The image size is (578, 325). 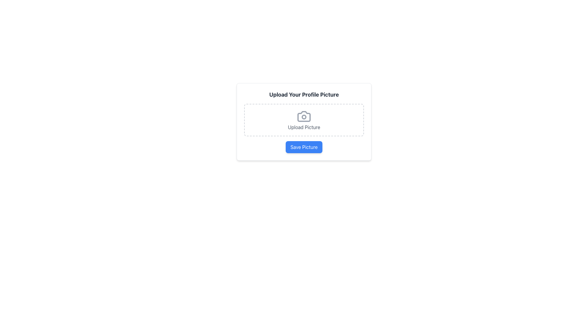 What do you see at coordinates (304, 120) in the screenshot?
I see `the interactive button-like element with a camera icon and the label 'Upload Picture'` at bounding box center [304, 120].